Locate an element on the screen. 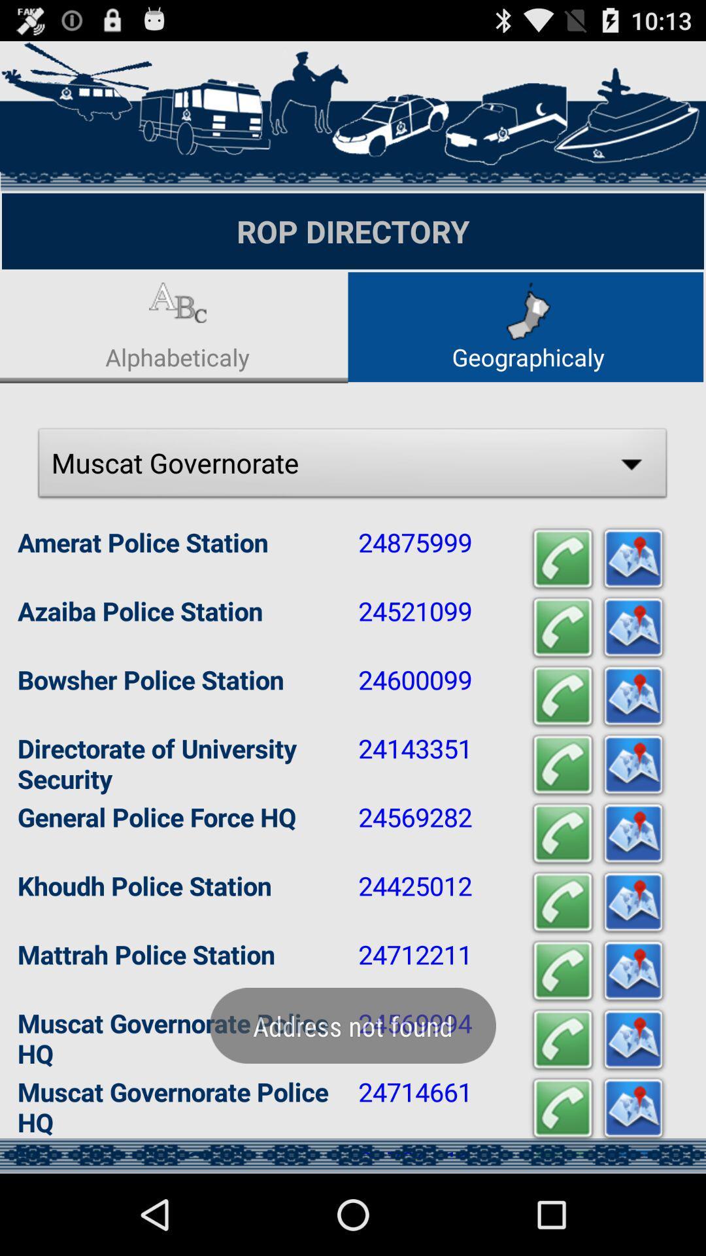 The height and width of the screenshot is (1256, 706). the call icon is located at coordinates (562, 672).